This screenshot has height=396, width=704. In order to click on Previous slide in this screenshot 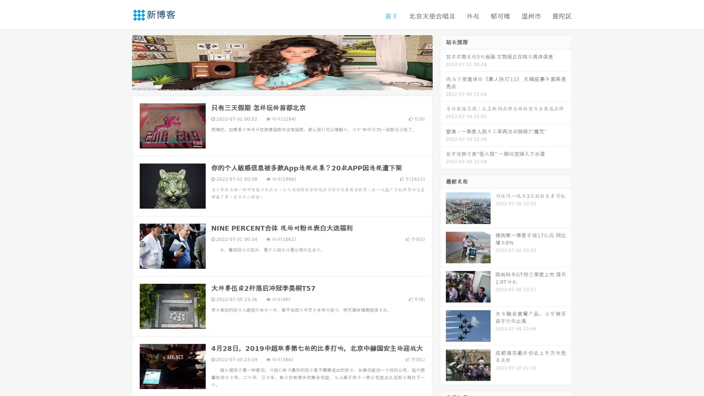, I will do `click(121, 62)`.